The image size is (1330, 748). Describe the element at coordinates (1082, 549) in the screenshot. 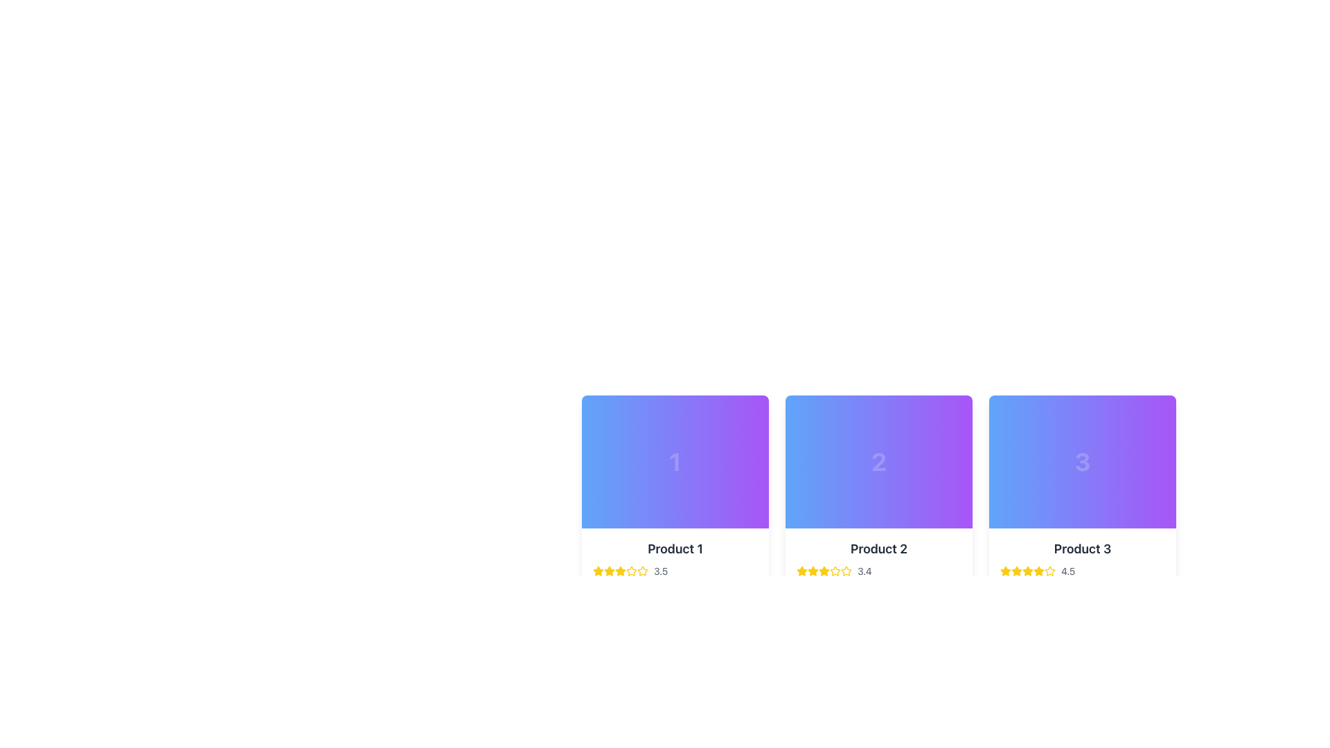

I see `the 'Product 3' text label` at that location.